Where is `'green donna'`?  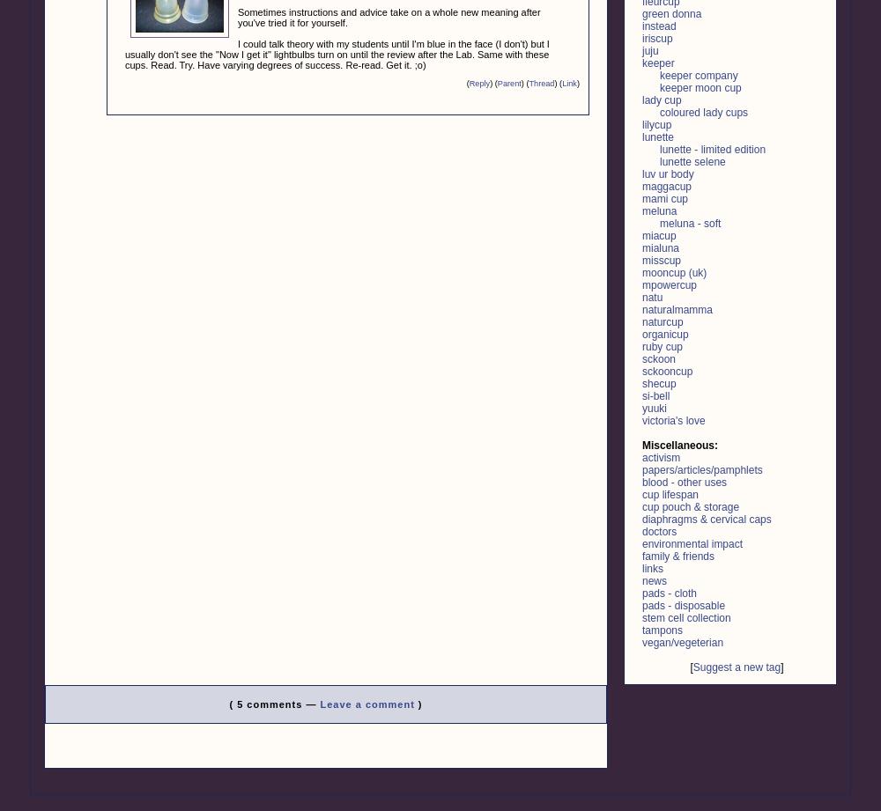 'green donna' is located at coordinates (671, 14).